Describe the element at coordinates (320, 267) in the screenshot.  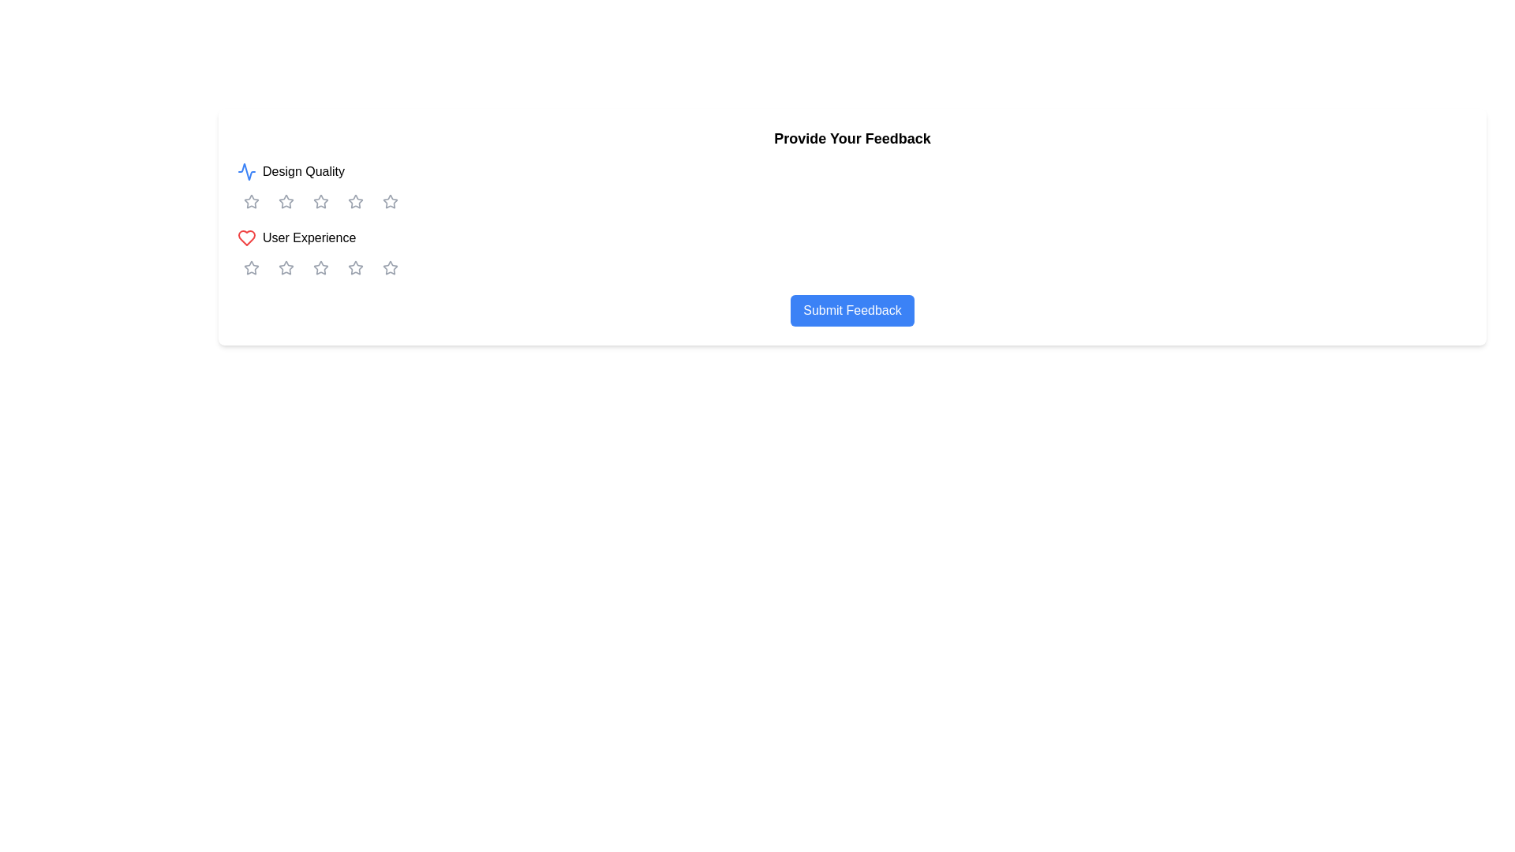
I see `the highlighted star icon in the second row, third from the left, under the 'User Experience' label` at that location.